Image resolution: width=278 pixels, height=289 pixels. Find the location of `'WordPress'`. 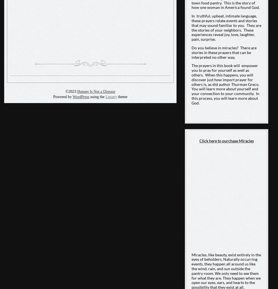

'WordPress' is located at coordinates (81, 96).